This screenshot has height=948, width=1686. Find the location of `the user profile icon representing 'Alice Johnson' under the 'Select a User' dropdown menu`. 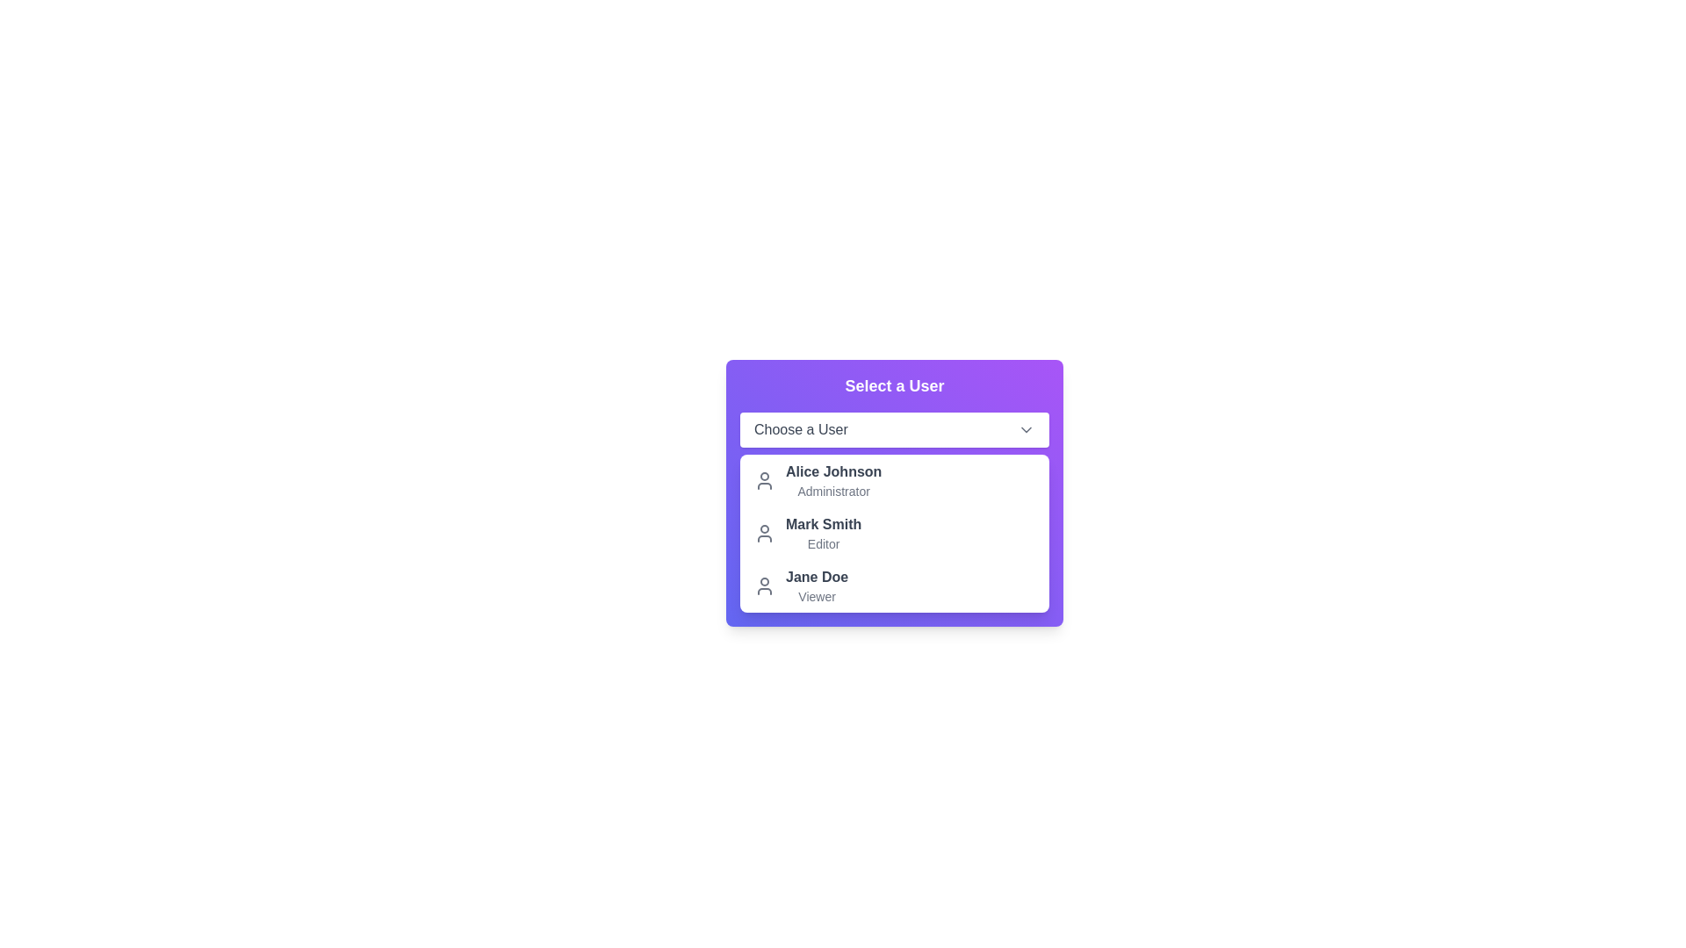

the user profile icon representing 'Alice Johnson' under the 'Select a User' dropdown menu is located at coordinates (764, 480).